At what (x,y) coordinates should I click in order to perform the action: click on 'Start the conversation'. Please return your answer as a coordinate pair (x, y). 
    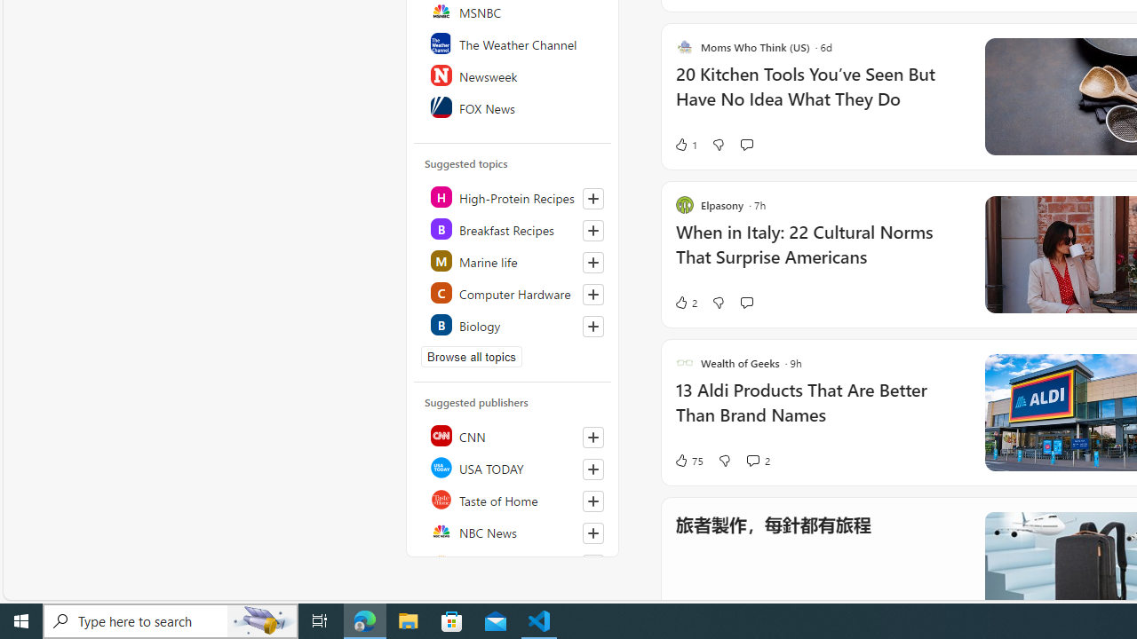
    Looking at the image, I should click on (746, 301).